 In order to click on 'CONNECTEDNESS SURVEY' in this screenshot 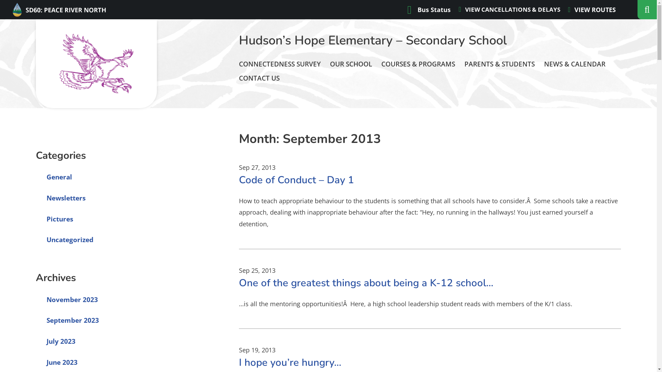, I will do `click(280, 64)`.